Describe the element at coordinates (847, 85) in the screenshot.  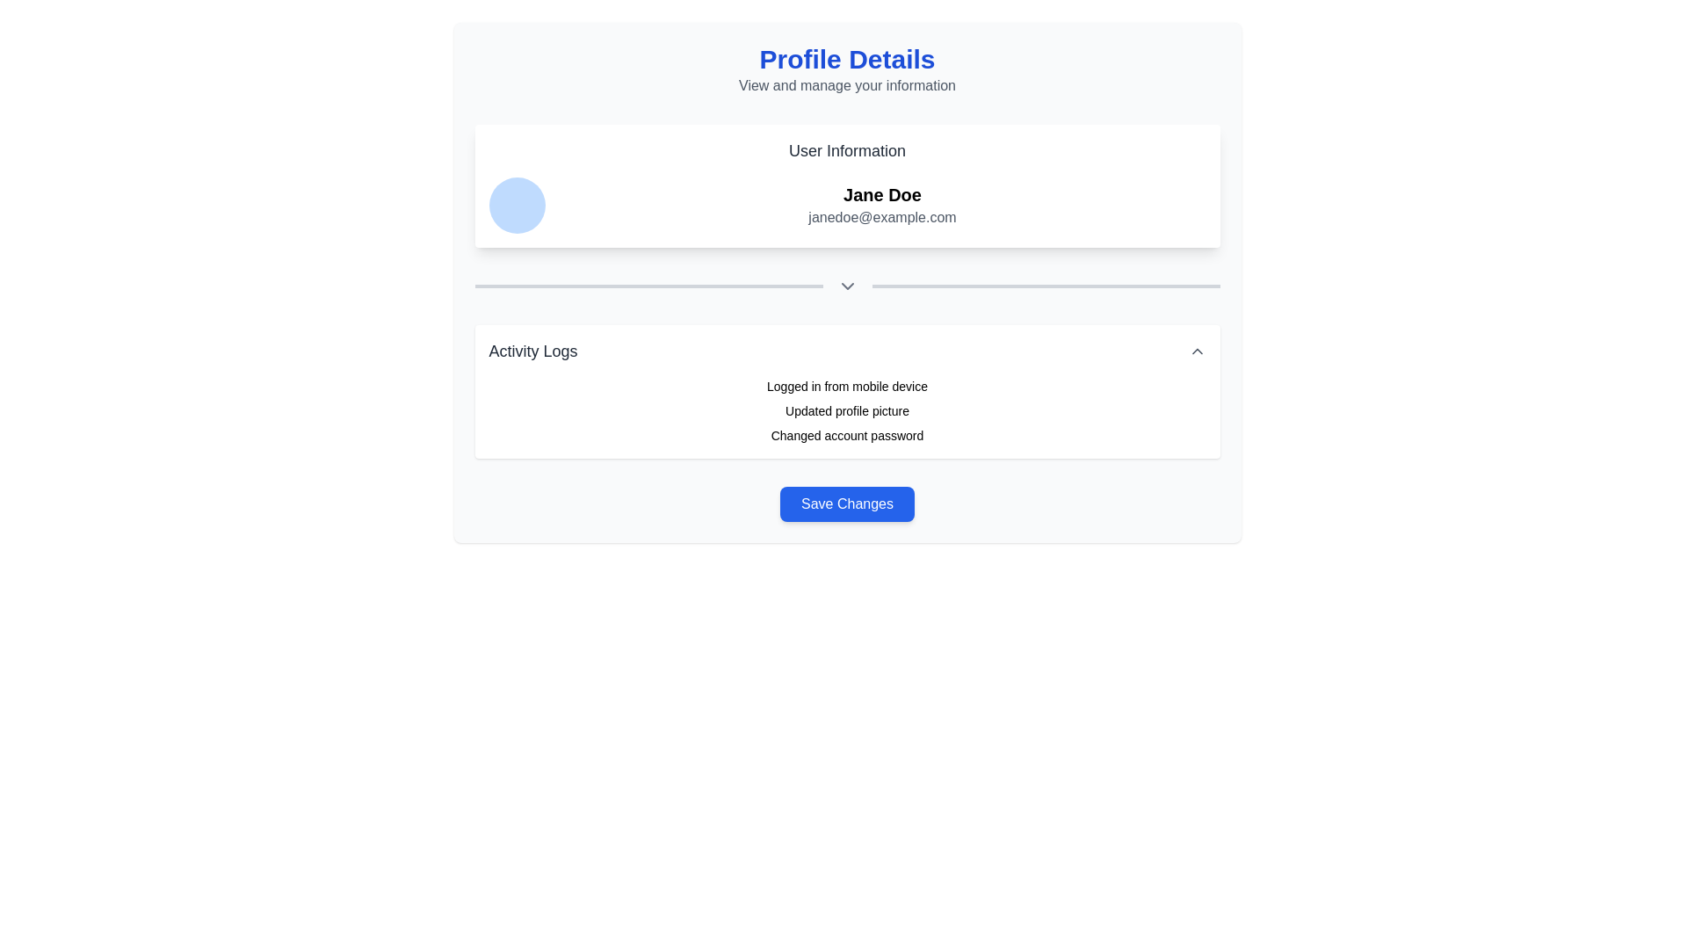
I see `the text label displaying 'View and manage your information', which is styled in gray and positioned beneath the bold title 'Profile Details'` at that location.